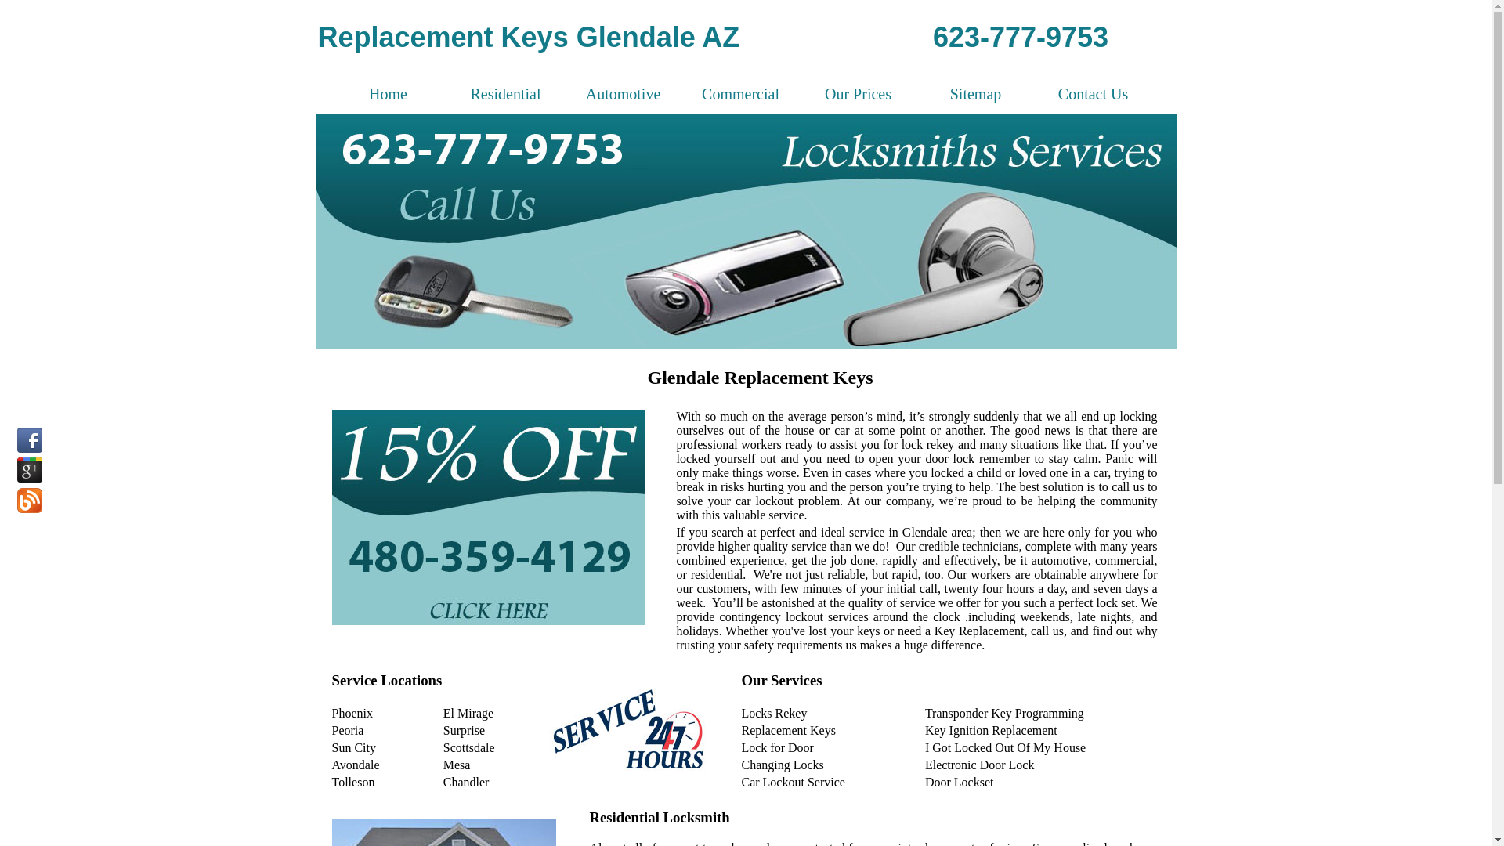  I want to click on 'Locks Rekey', so click(739, 713).